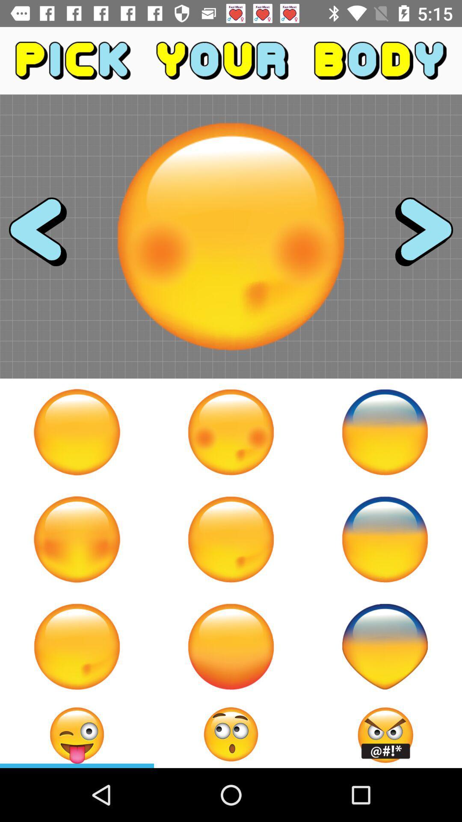 This screenshot has width=462, height=822. What do you see at coordinates (77, 734) in the screenshot?
I see `tag option` at bounding box center [77, 734].